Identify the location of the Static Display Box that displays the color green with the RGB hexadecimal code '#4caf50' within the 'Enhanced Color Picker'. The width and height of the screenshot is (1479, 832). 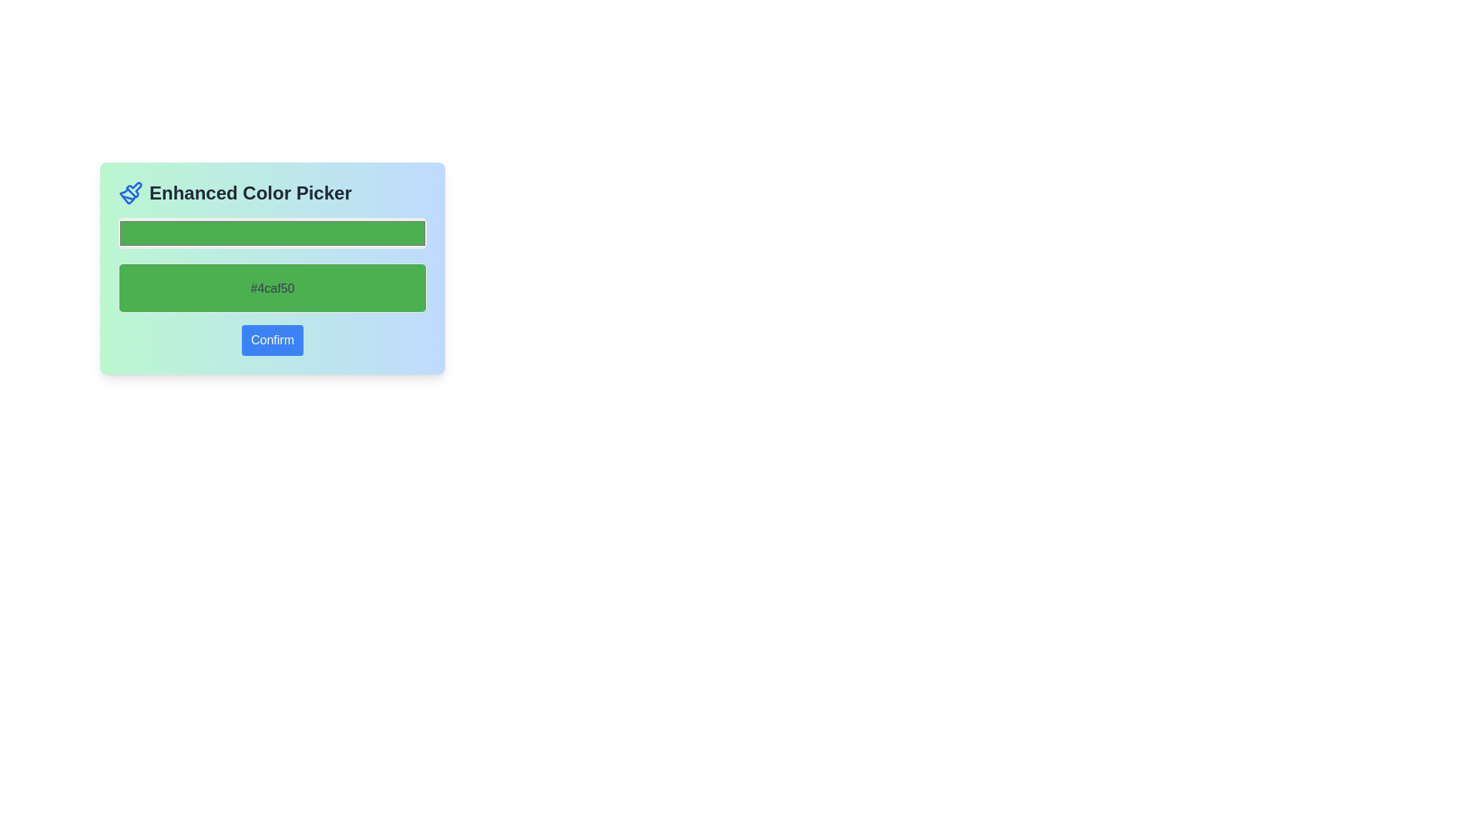
(273, 288).